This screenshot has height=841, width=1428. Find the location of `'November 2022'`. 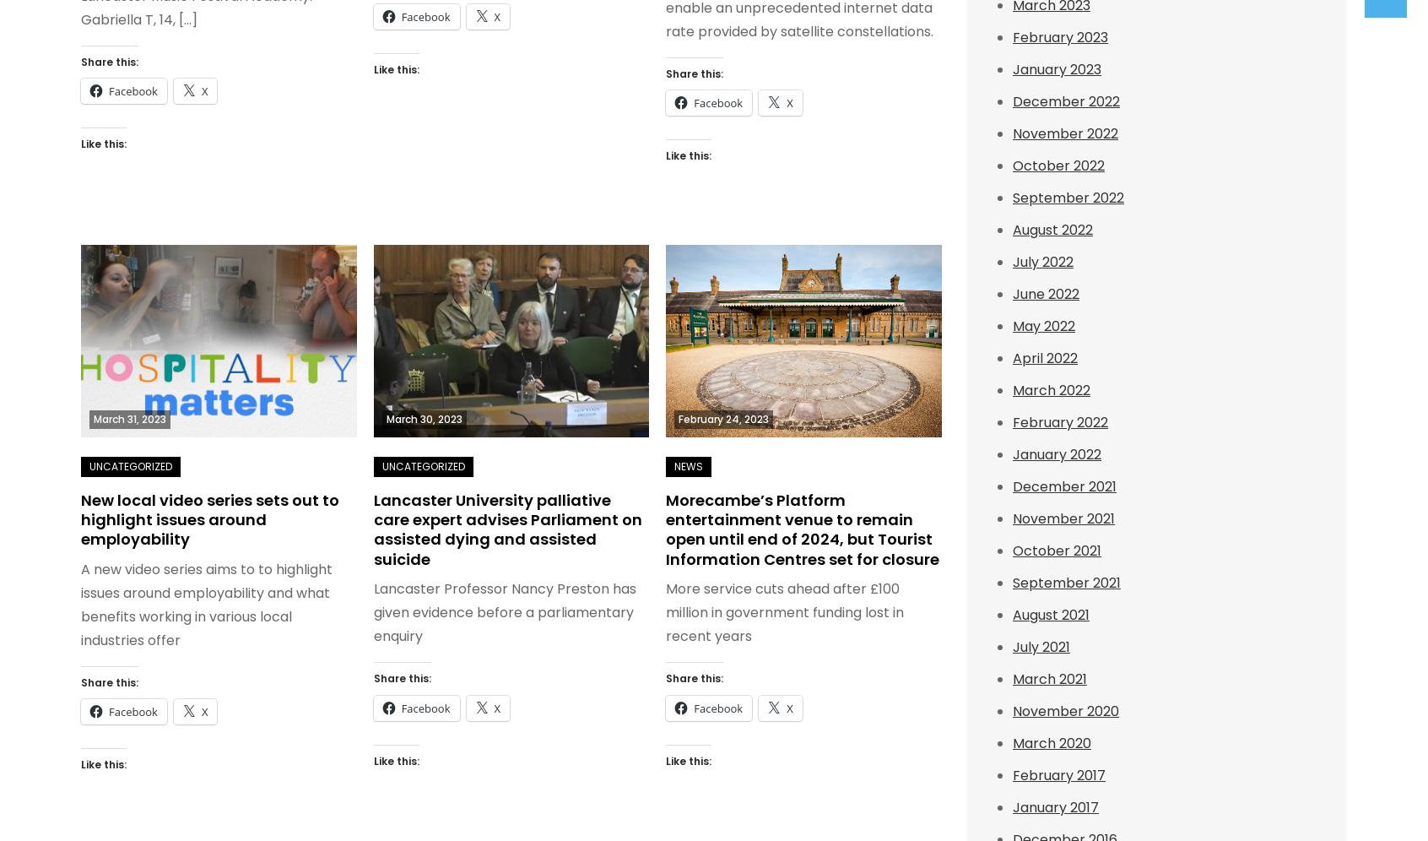

'November 2022' is located at coordinates (1011, 133).